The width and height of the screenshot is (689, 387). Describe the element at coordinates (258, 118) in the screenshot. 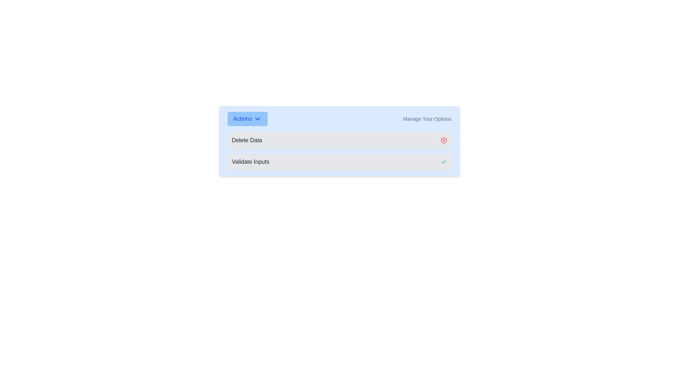

I see `the downward-pointing chevron icon located within the 'Actions' button` at that location.